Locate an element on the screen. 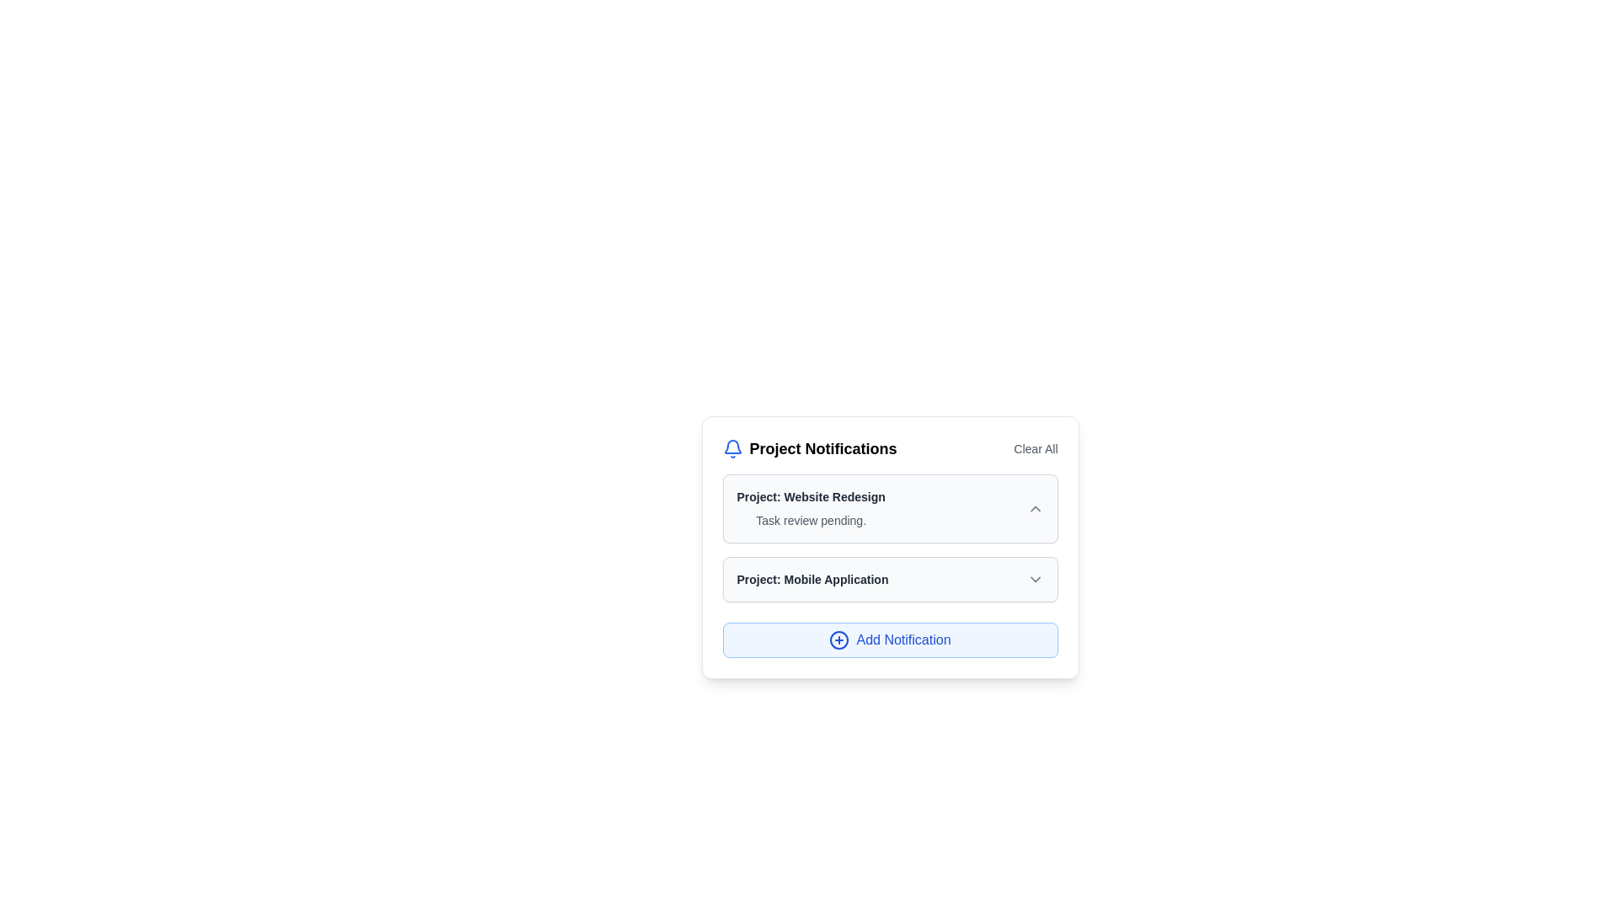 This screenshot has width=1618, height=910. the interactive link located at the far-right side of the header of the notification panel to clear all notifications is located at coordinates (1035, 447).